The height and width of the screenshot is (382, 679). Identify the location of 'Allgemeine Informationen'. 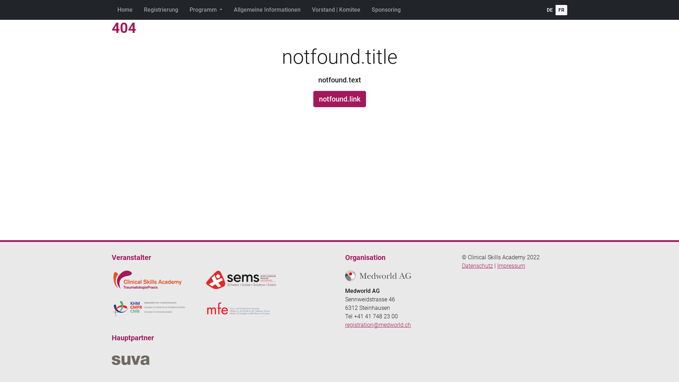
(267, 10).